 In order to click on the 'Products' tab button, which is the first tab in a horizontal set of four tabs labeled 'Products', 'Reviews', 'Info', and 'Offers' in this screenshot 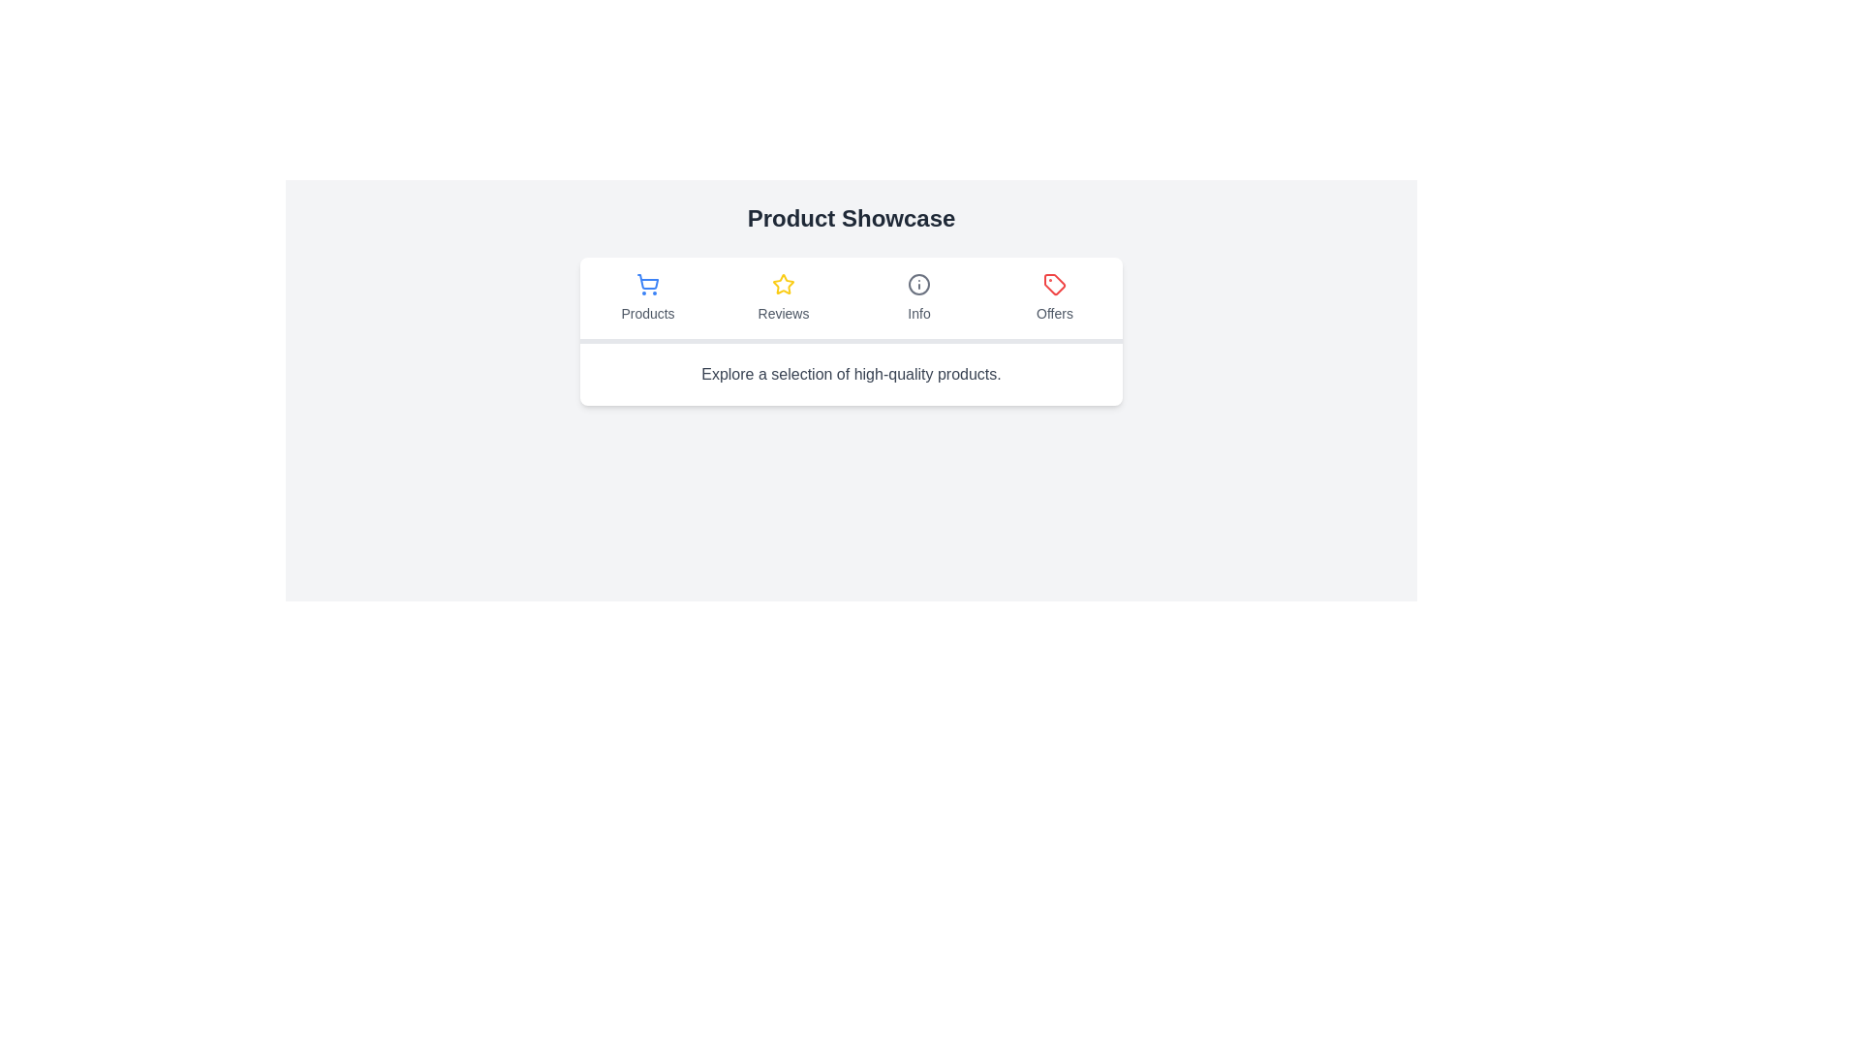, I will do `click(647, 299)`.